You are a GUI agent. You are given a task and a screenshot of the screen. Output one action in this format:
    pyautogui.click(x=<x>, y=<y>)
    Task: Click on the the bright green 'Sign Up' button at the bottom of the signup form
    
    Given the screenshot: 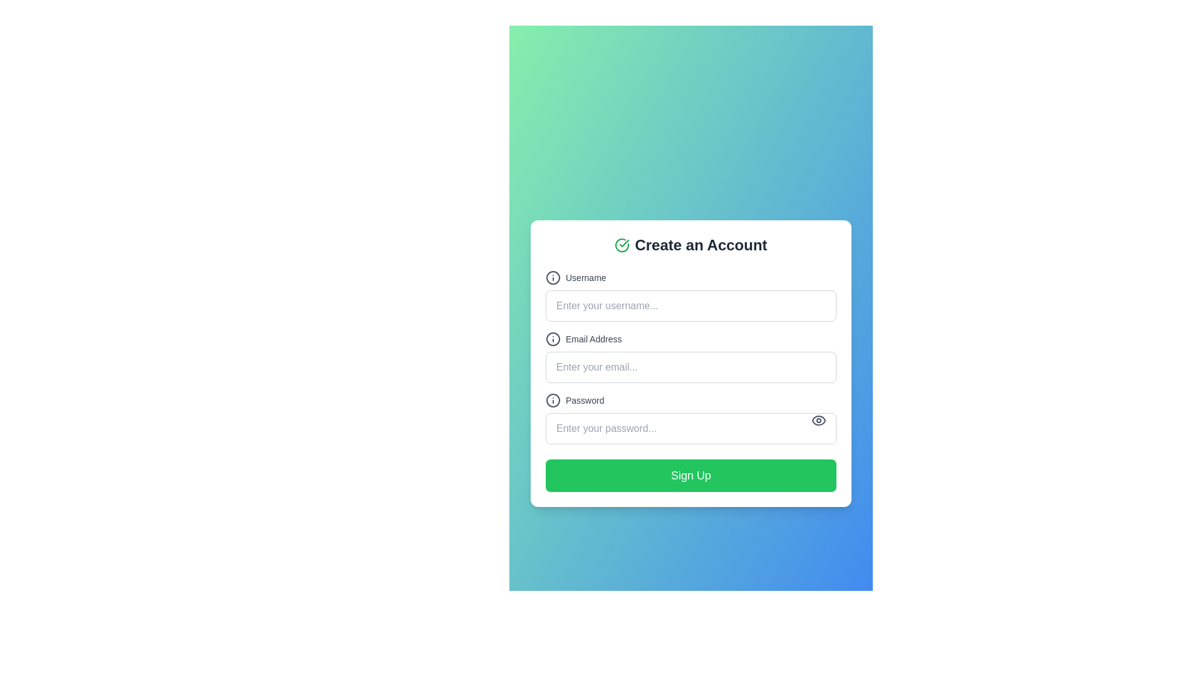 What is the action you would take?
    pyautogui.click(x=690, y=475)
    